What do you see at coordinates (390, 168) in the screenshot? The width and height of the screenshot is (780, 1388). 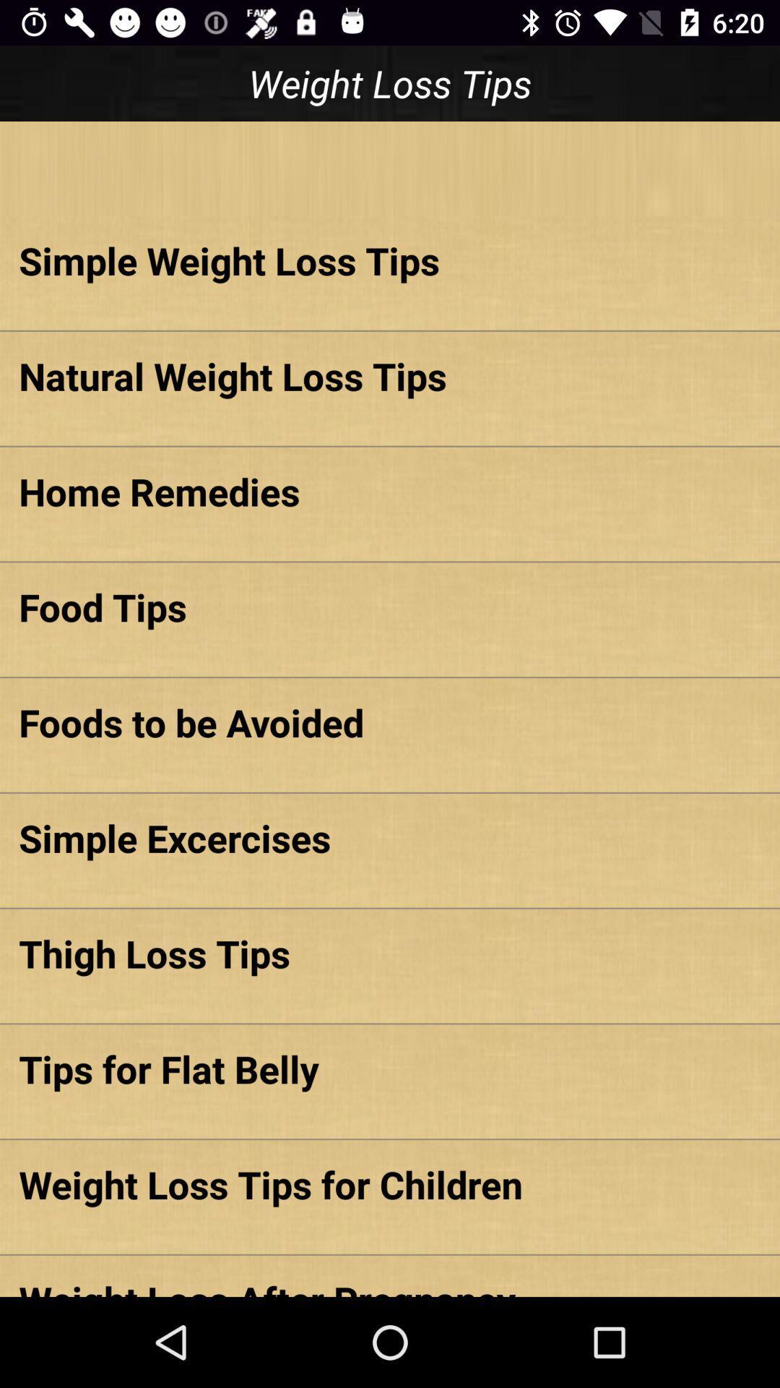 I see `the item above simple weight loss app` at bounding box center [390, 168].